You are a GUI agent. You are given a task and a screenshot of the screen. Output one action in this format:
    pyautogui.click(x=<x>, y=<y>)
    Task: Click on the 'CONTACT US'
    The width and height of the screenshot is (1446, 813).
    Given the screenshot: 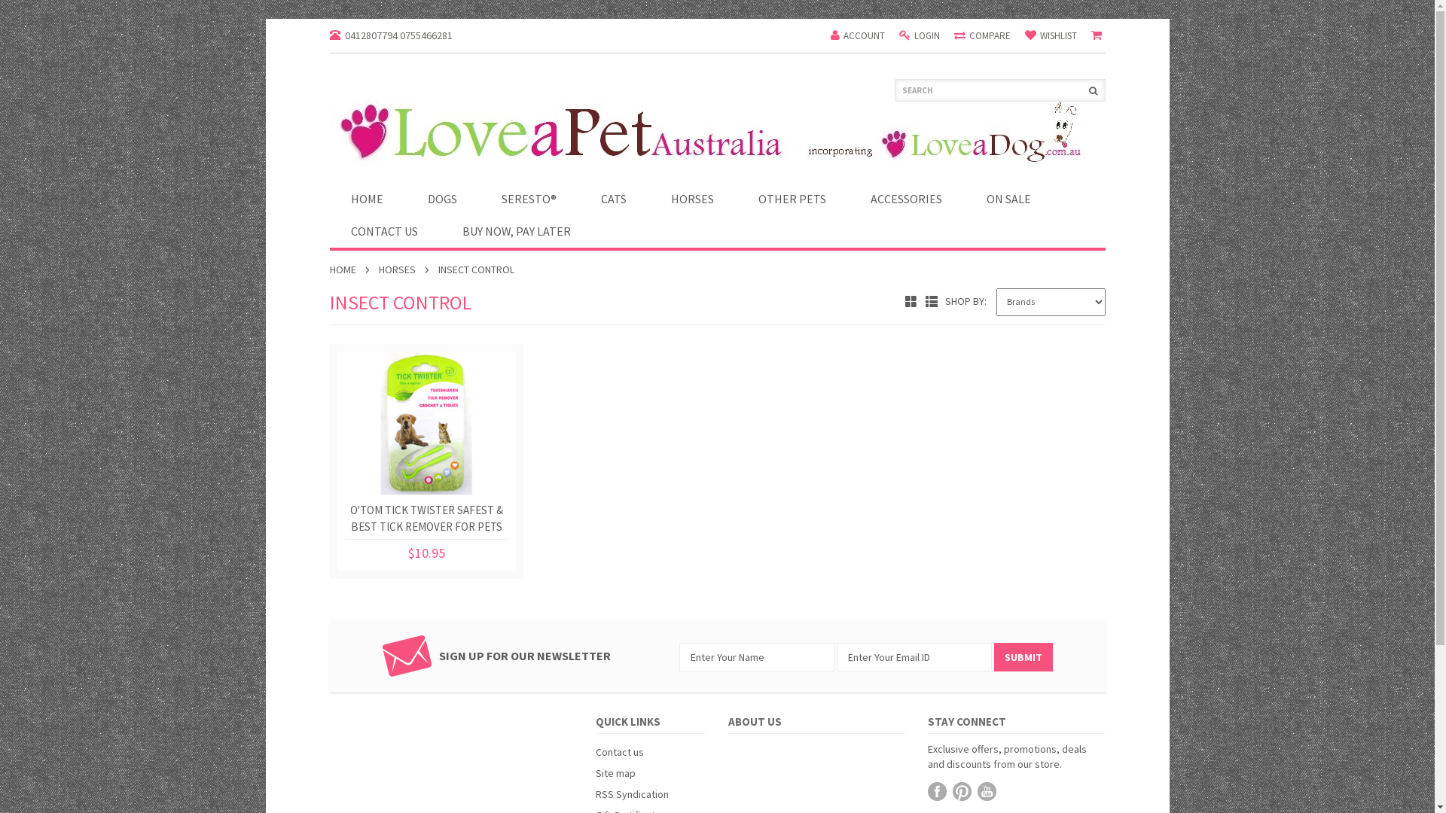 What is the action you would take?
    pyautogui.click(x=384, y=231)
    